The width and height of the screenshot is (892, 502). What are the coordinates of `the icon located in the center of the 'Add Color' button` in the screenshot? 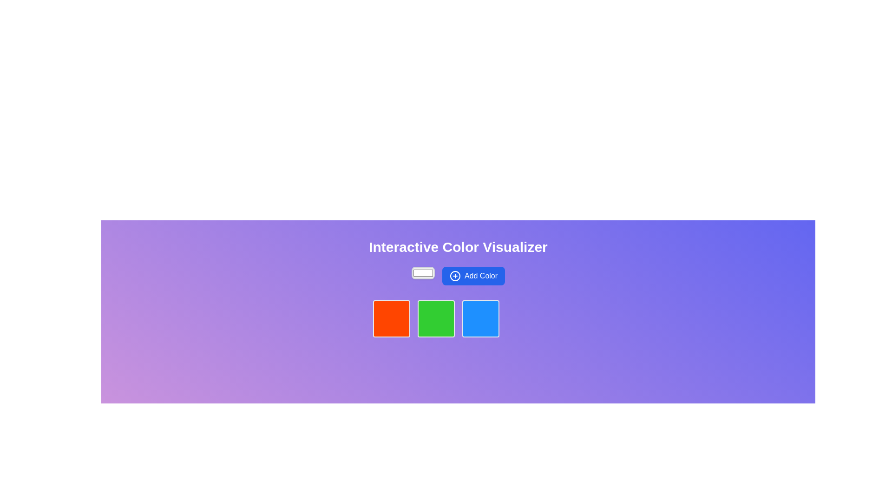 It's located at (455, 276).